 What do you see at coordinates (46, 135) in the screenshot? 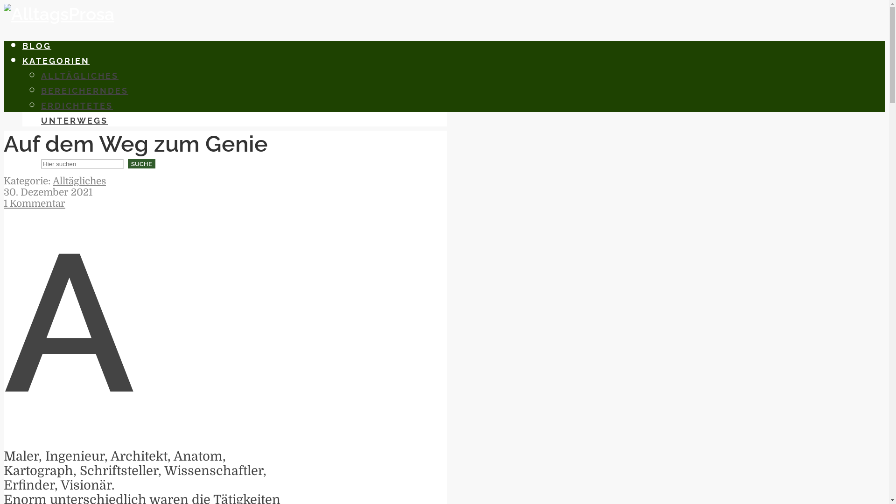
I see `'KONTAKT'` at bounding box center [46, 135].